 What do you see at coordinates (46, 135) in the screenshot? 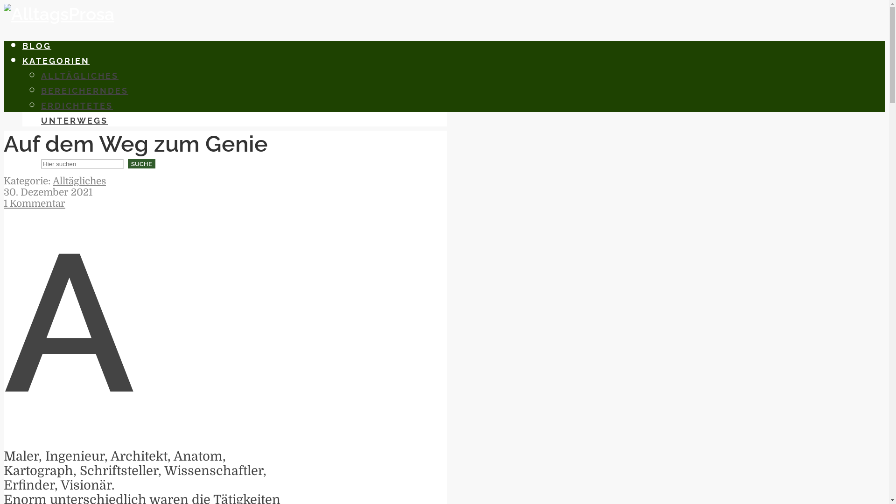
I see `'KONTAKT'` at bounding box center [46, 135].